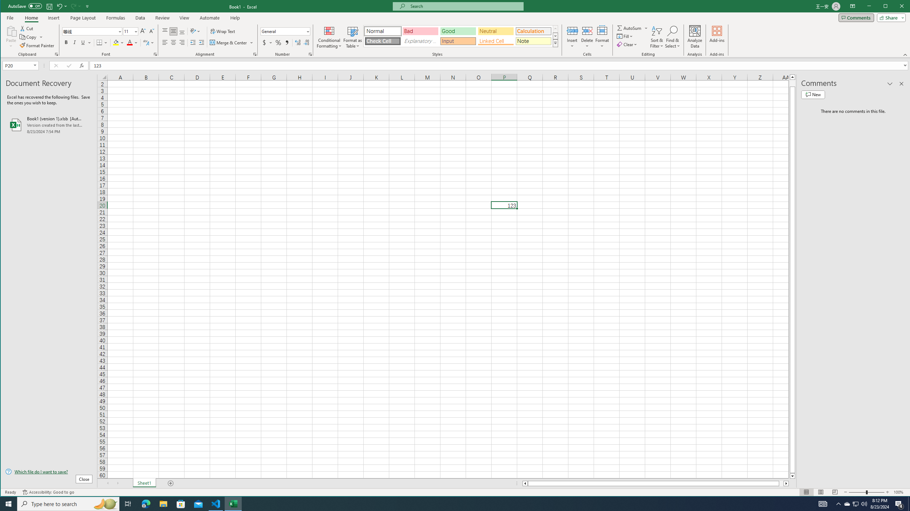 Image resolution: width=910 pixels, height=511 pixels. Describe the element at coordinates (129, 42) in the screenshot. I see `'Font Color RGB(255, 0, 0)'` at that location.